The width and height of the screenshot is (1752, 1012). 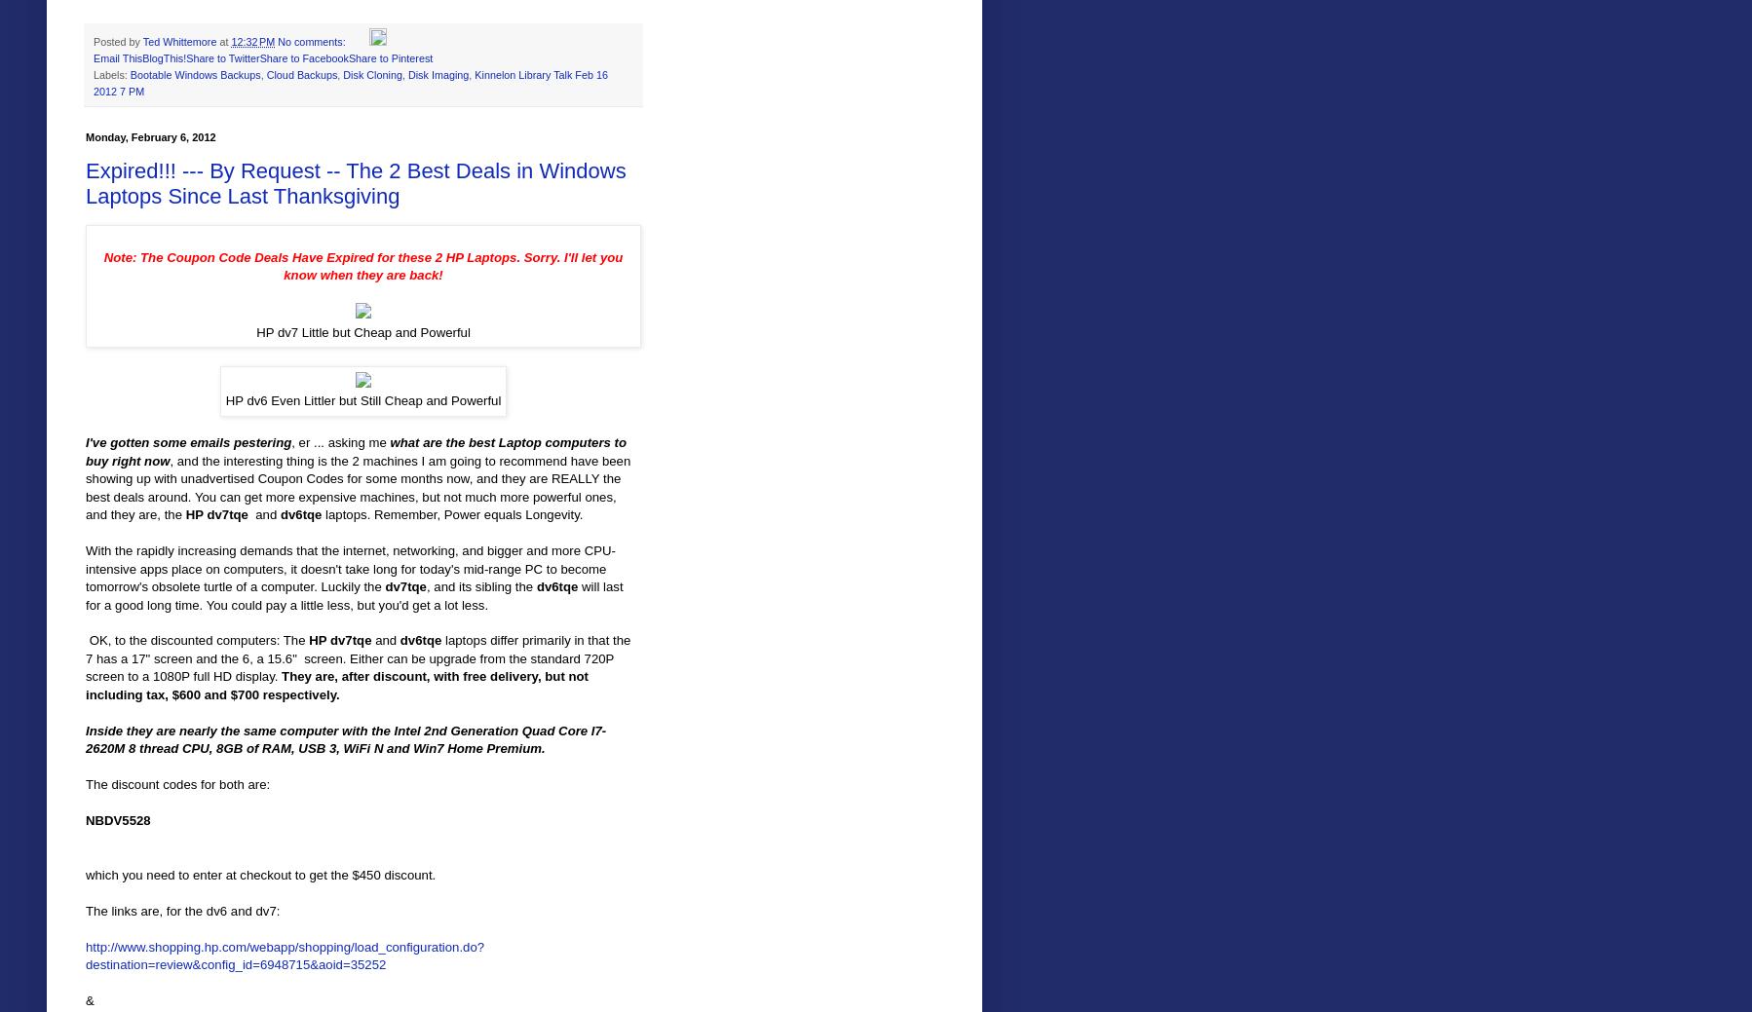 What do you see at coordinates (222, 56) in the screenshot?
I see `'Share to Twitter'` at bounding box center [222, 56].